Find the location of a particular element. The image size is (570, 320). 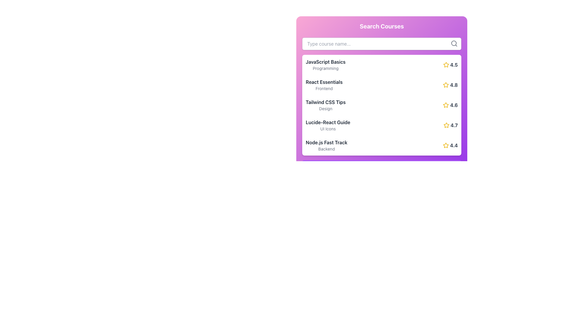

the fifth list item representing the course 'Node.js Fast Track' is located at coordinates (382, 145).